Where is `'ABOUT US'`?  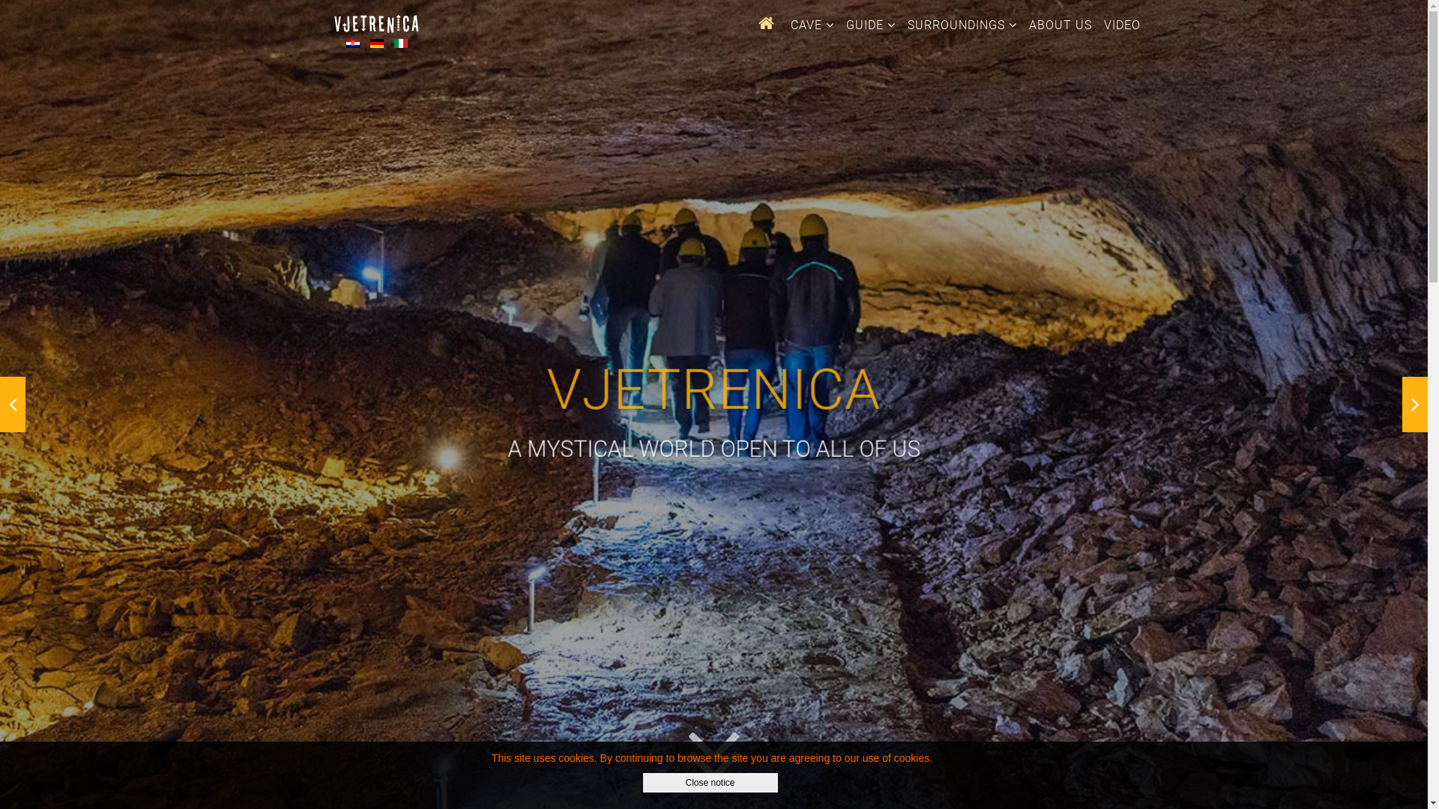
'ABOUT US' is located at coordinates (1060, 25).